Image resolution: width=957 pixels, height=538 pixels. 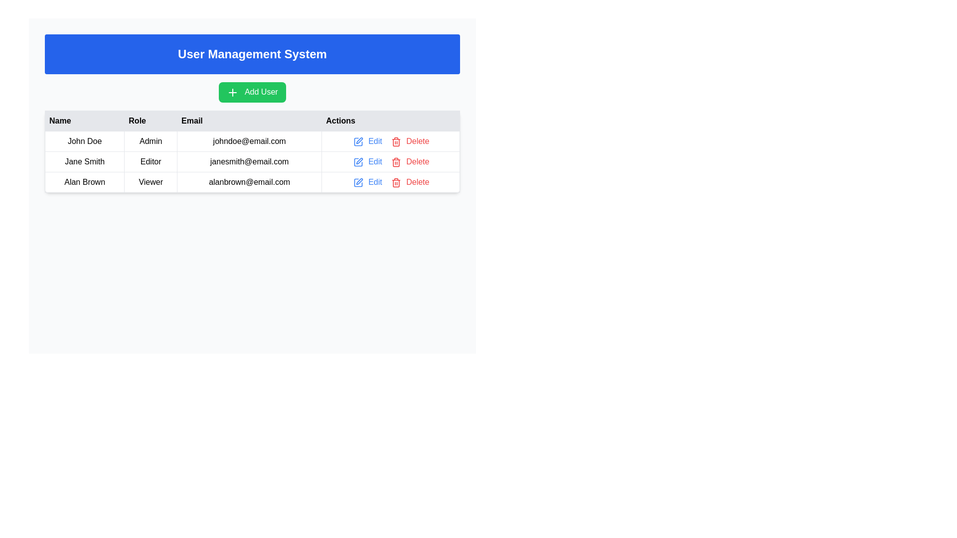 I want to click on the delete icon for user 'Alan Brown', so click(x=395, y=182).